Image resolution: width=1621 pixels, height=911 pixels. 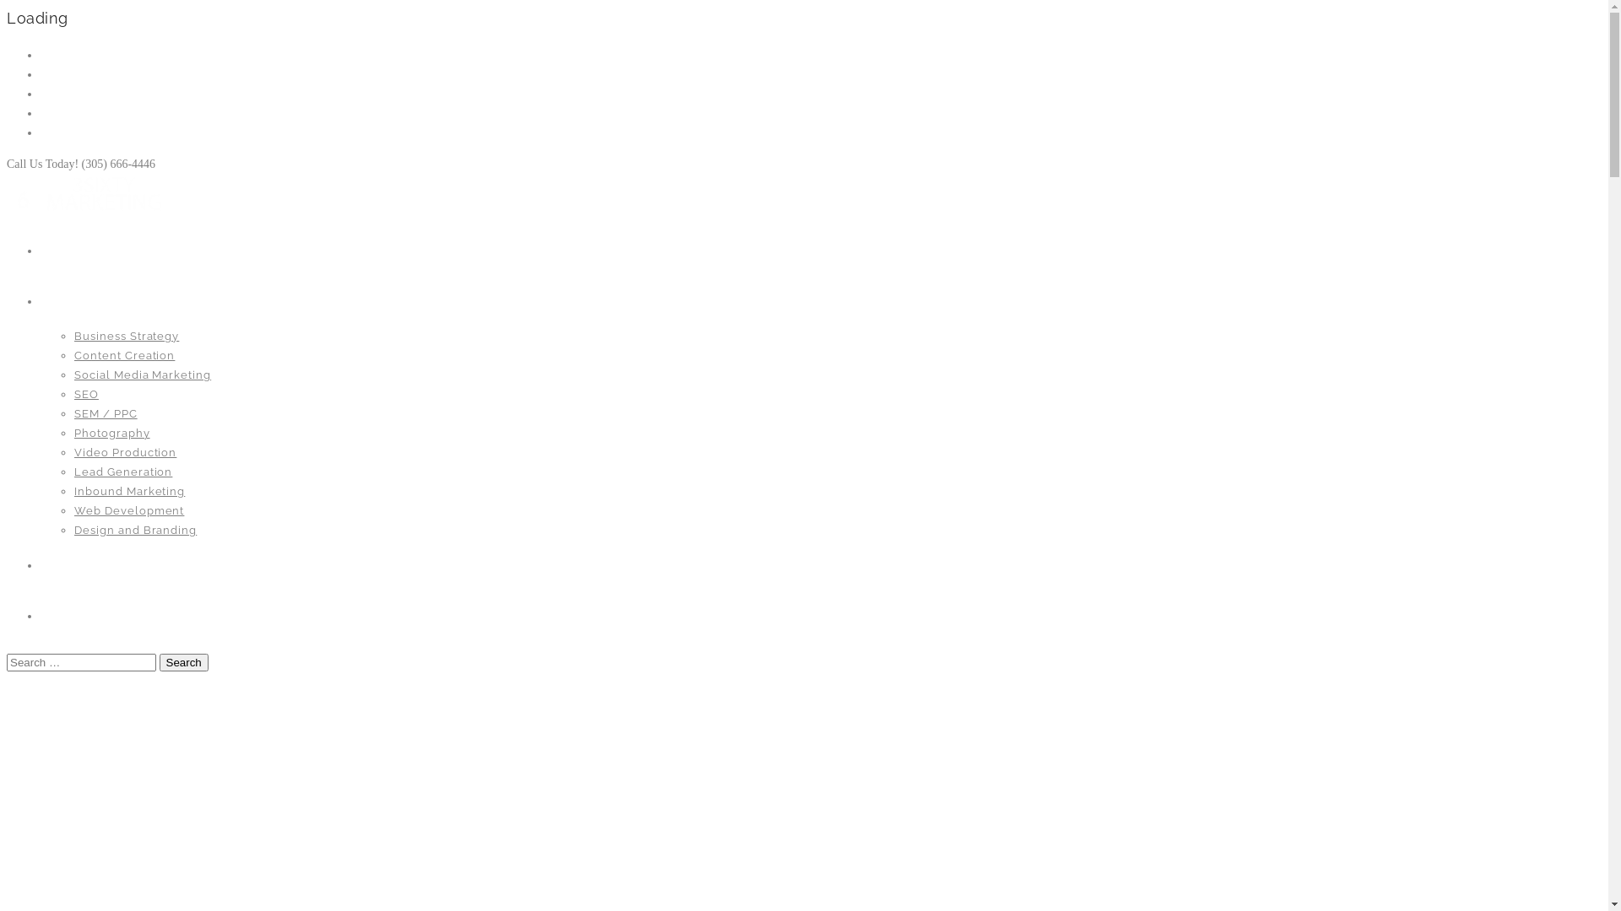 I want to click on 'Video Production', so click(x=124, y=451).